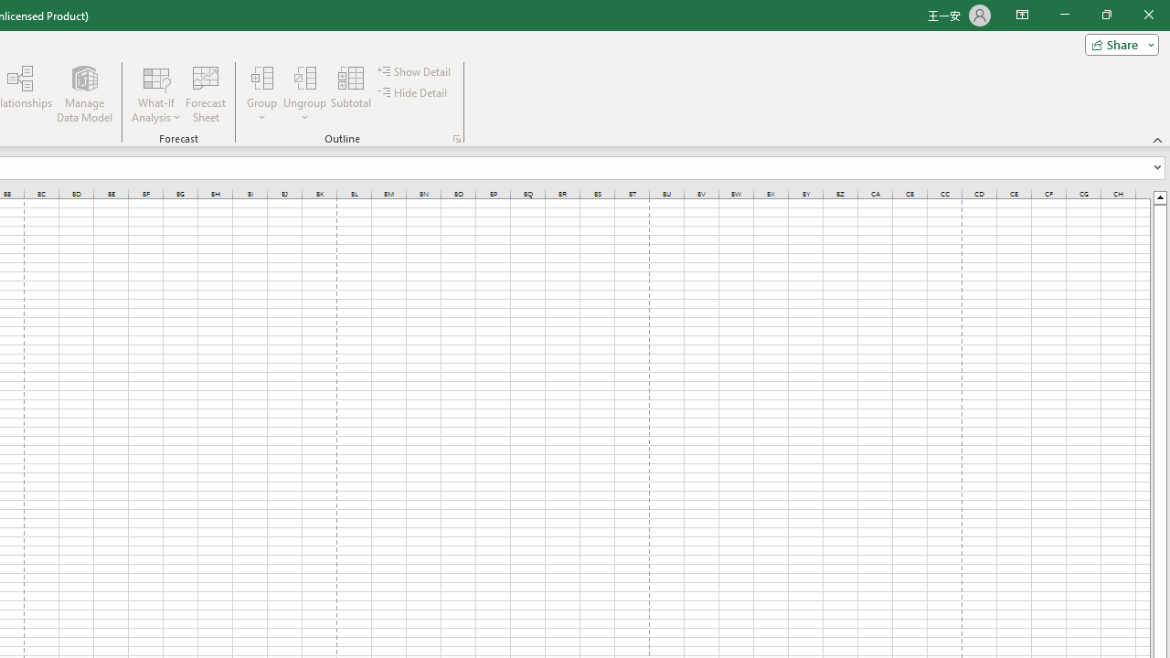 Image resolution: width=1170 pixels, height=658 pixels. Describe the element at coordinates (1064, 15) in the screenshot. I see `'Minimize'` at that location.